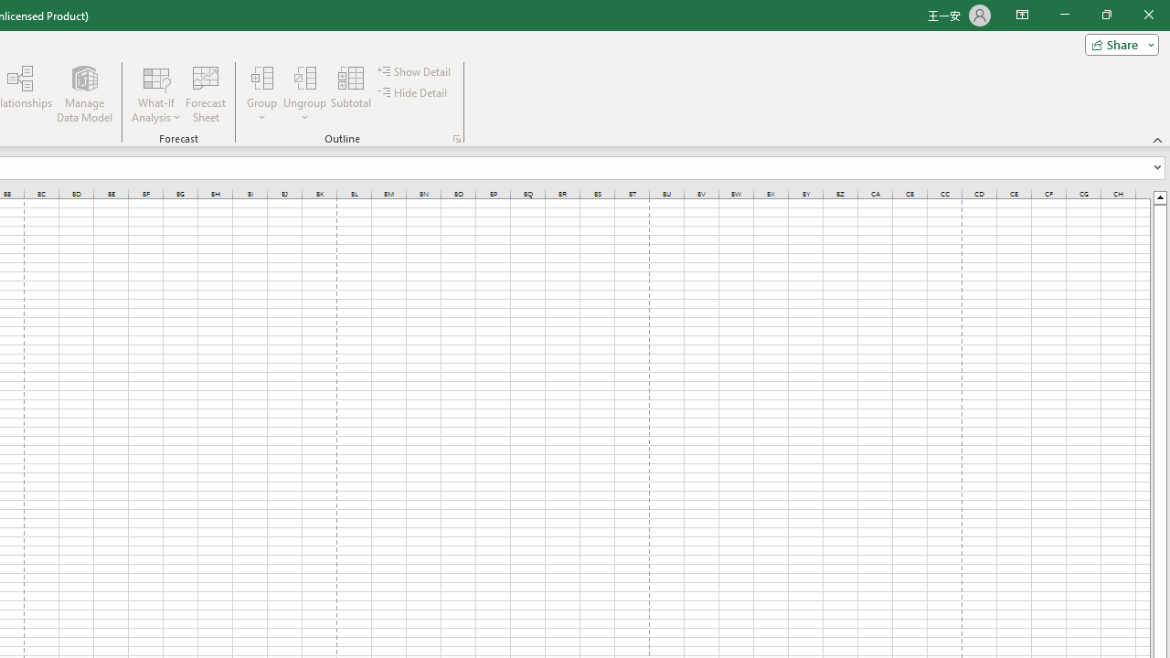 Image resolution: width=1170 pixels, height=658 pixels. Describe the element at coordinates (1064, 15) in the screenshot. I see `'Minimize'` at that location.